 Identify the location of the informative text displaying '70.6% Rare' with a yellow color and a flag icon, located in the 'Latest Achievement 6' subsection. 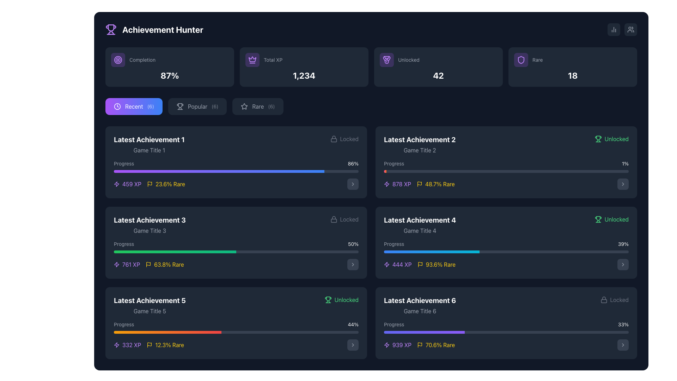
(435, 345).